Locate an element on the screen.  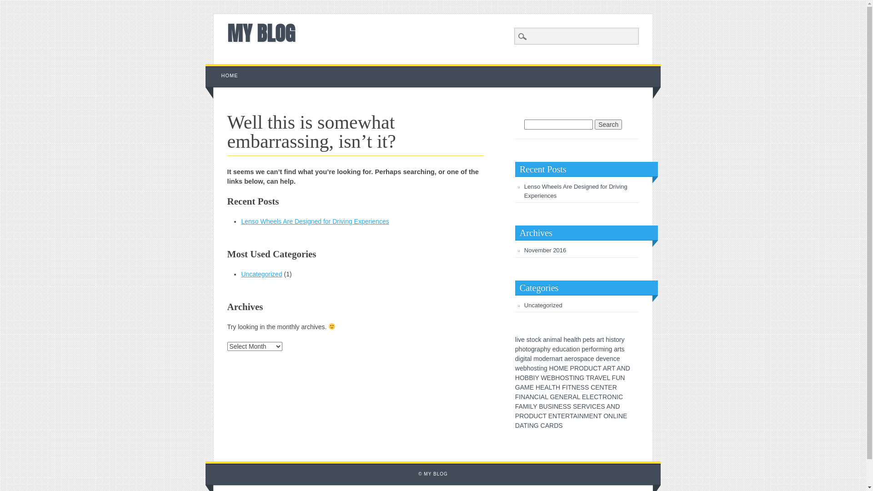
'g' is located at coordinates (522, 358).